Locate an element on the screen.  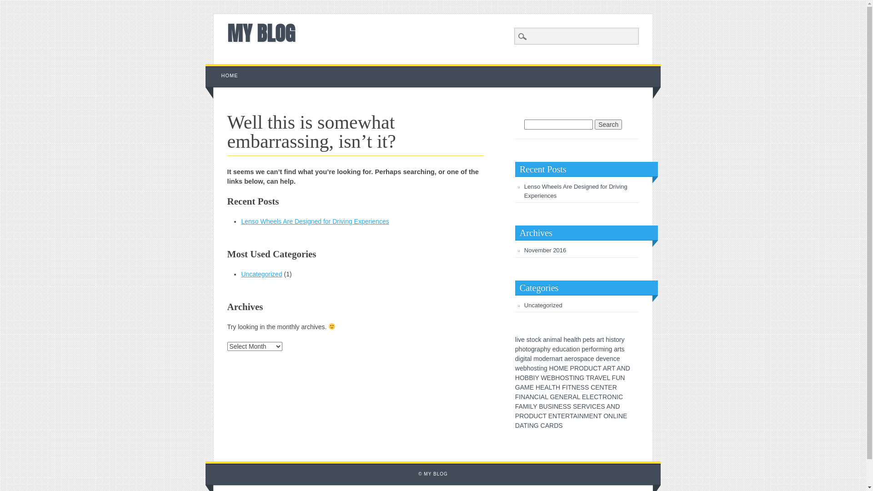
'g' is located at coordinates (522, 358).